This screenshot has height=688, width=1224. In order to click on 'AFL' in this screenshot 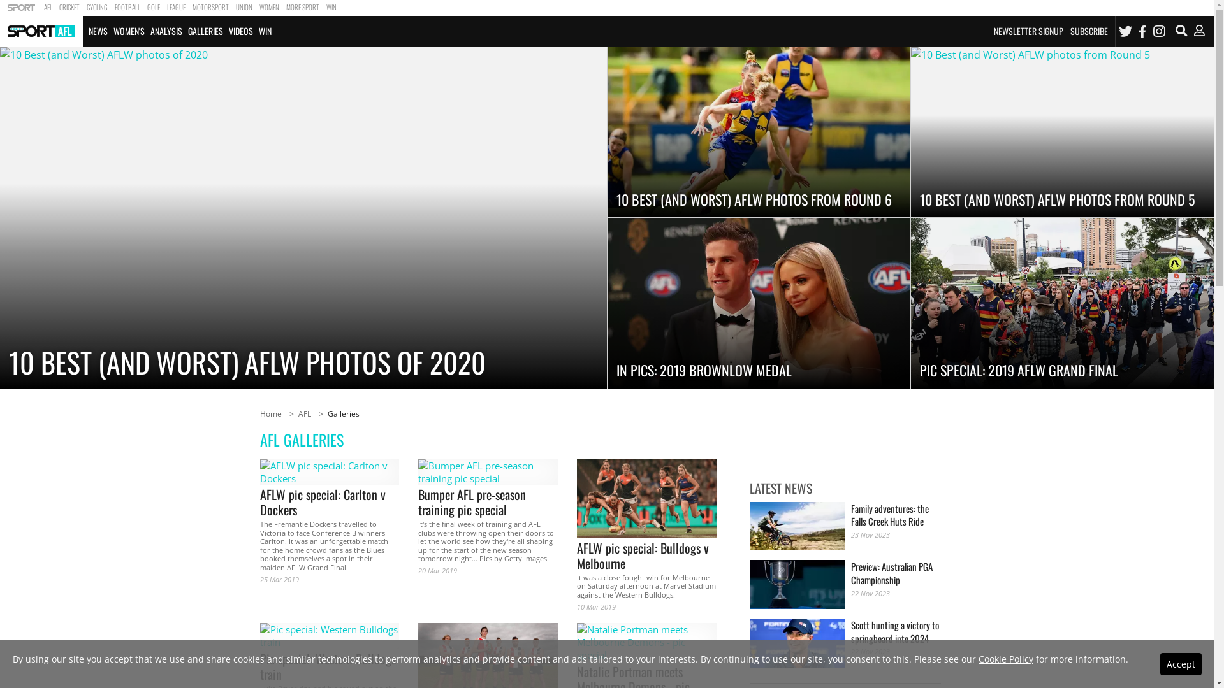, I will do `click(304, 414)`.